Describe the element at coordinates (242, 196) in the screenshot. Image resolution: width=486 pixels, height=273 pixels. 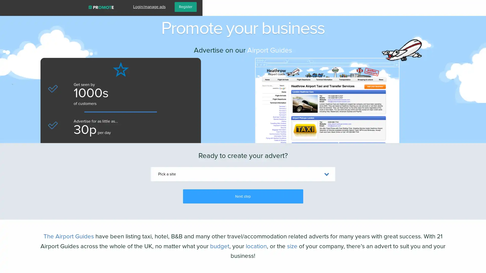
I see `Next step` at that location.